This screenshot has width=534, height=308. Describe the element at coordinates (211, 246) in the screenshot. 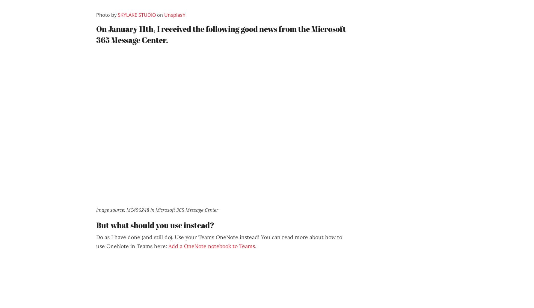

I see `'Add a OneNote notebook to Teams'` at that location.